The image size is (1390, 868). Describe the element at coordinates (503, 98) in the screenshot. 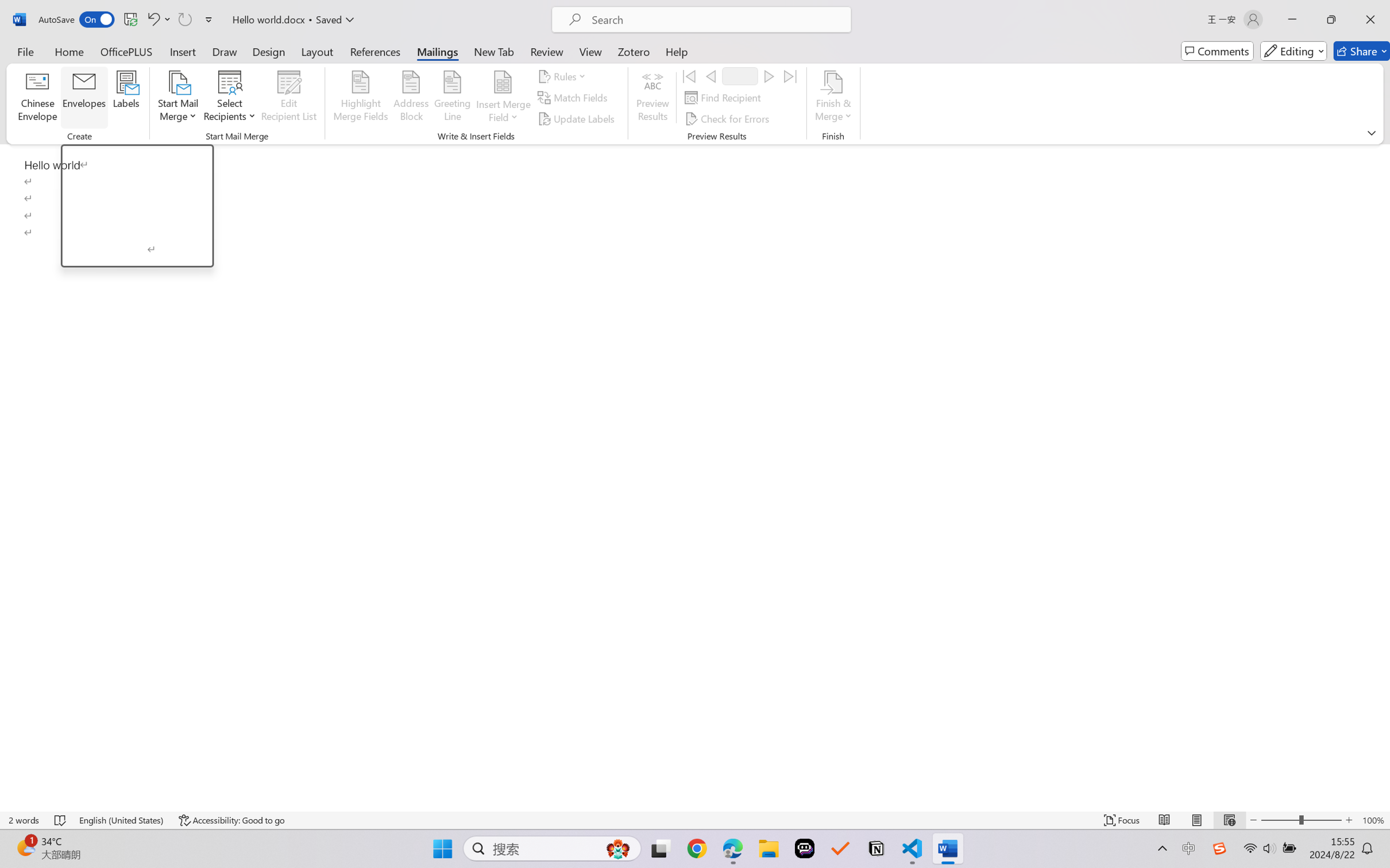

I see `'Insert Merge Field'` at that location.